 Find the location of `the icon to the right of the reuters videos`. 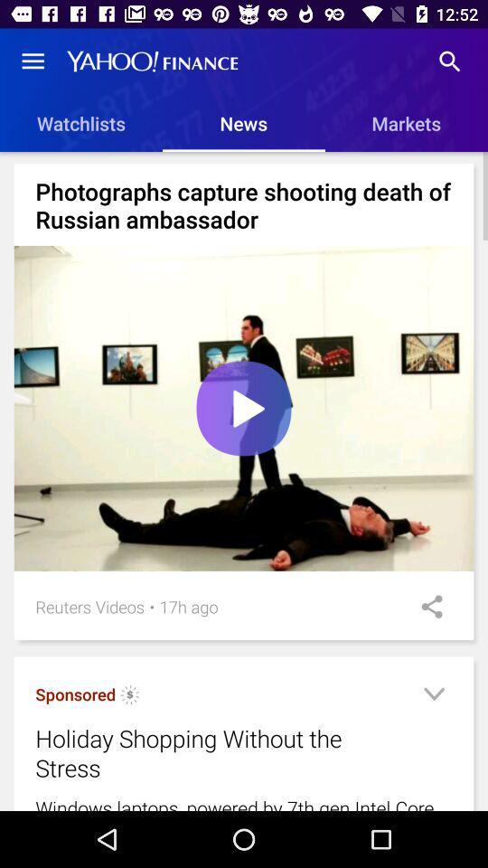

the icon to the right of the reuters videos is located at coordinates (151, 607).